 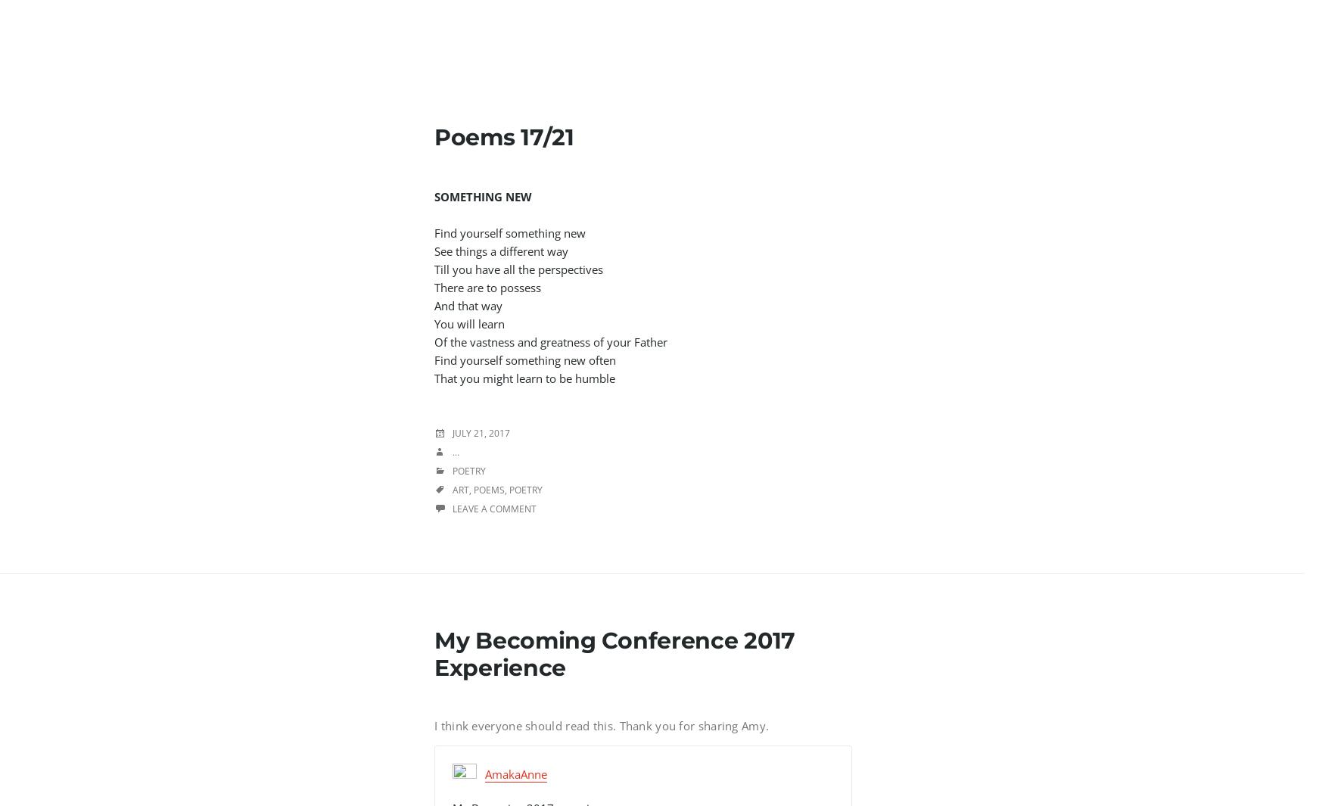 I want to click on 'There are to possess', so click(x=487, y=286).